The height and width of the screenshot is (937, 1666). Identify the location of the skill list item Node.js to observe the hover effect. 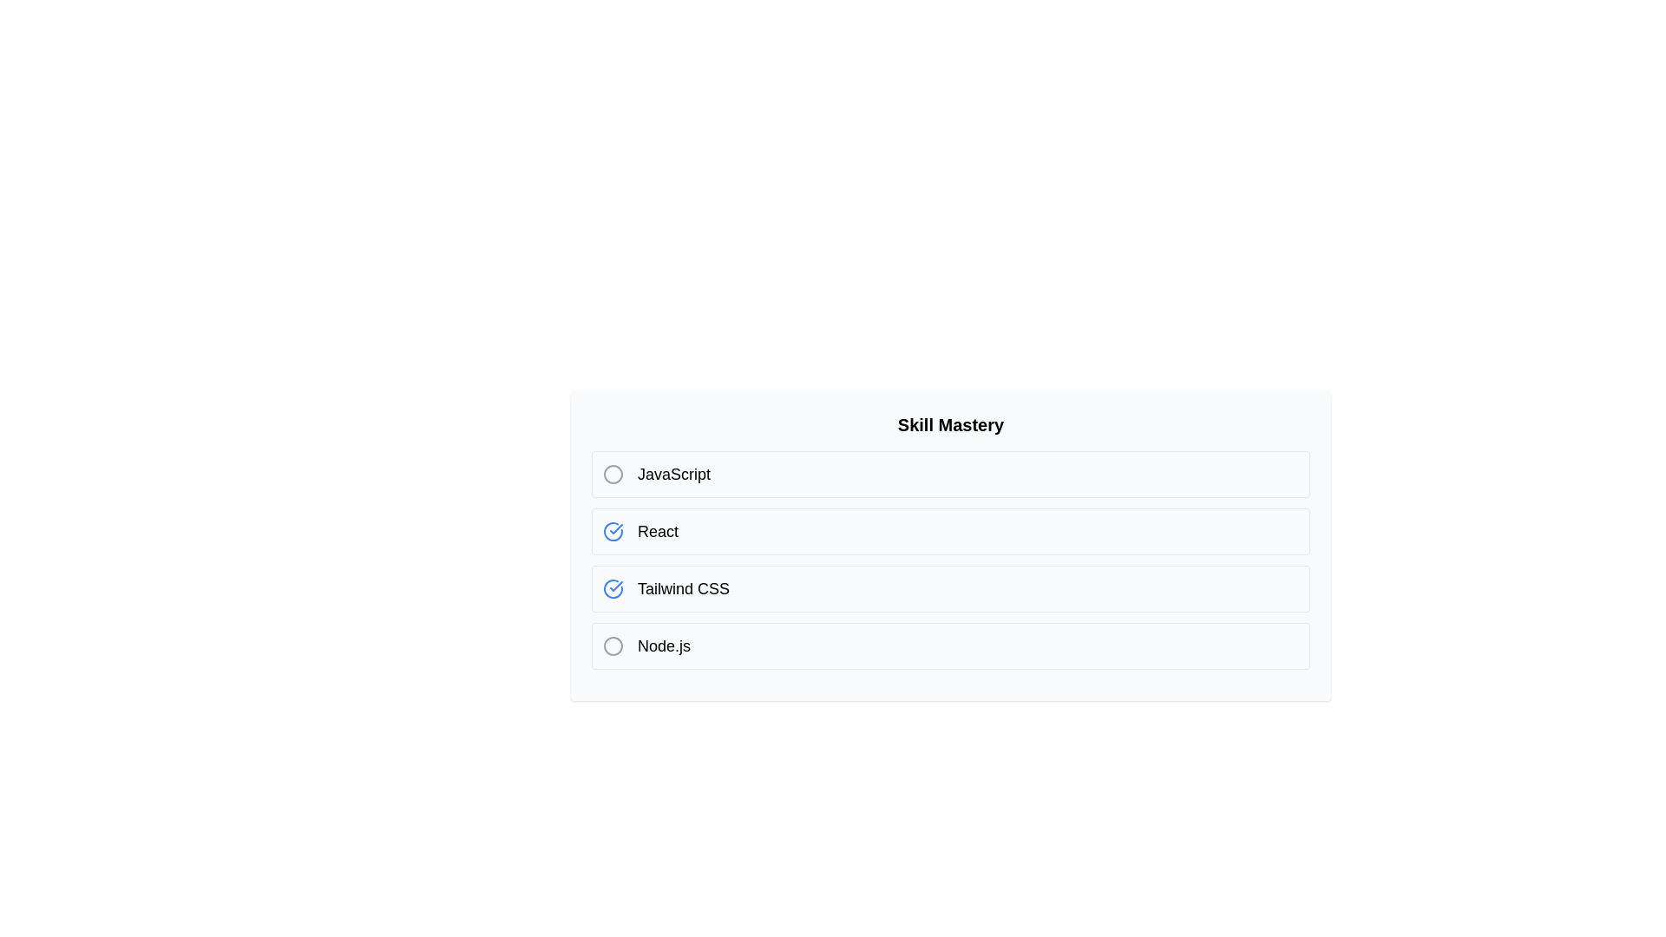
(949, 645).